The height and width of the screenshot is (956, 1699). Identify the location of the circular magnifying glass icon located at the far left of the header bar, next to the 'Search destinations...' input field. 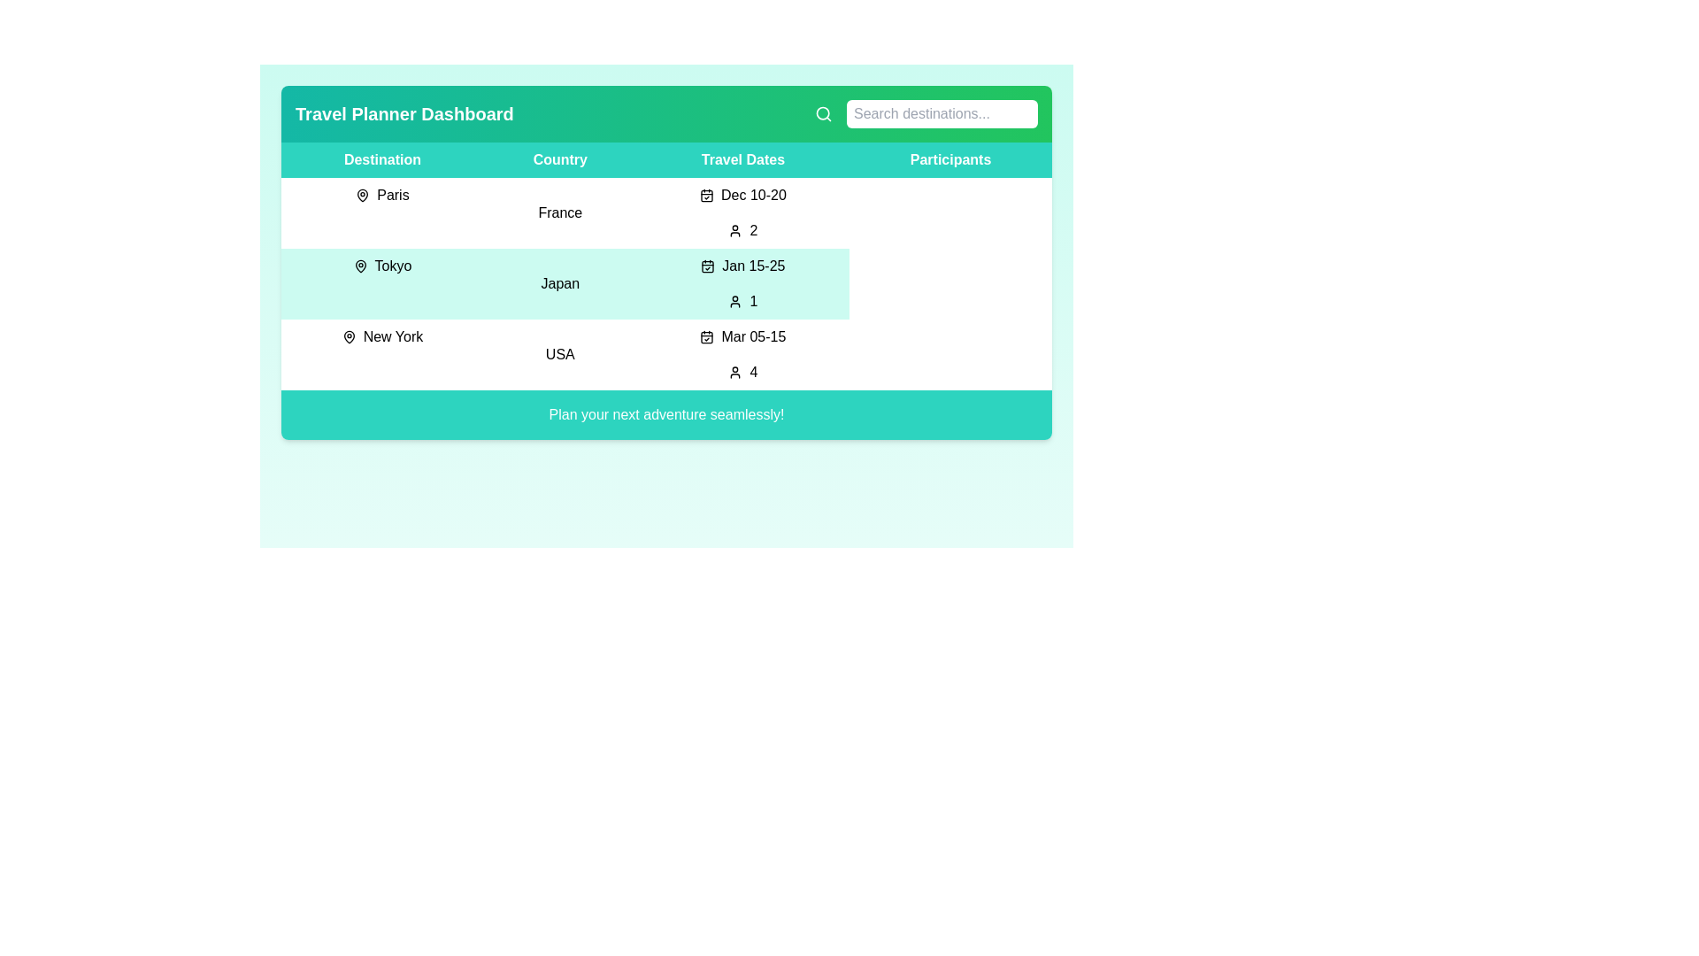
(823, 113).